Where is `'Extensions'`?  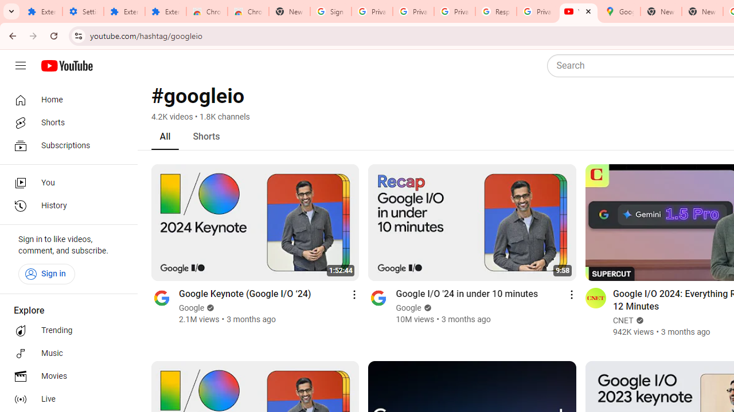 'Extensions' is located at coordinates (124, 11).